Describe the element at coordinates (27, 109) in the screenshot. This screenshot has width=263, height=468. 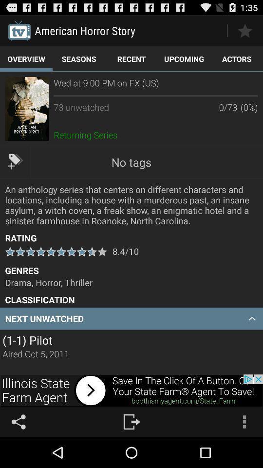
I see `image` at that location.